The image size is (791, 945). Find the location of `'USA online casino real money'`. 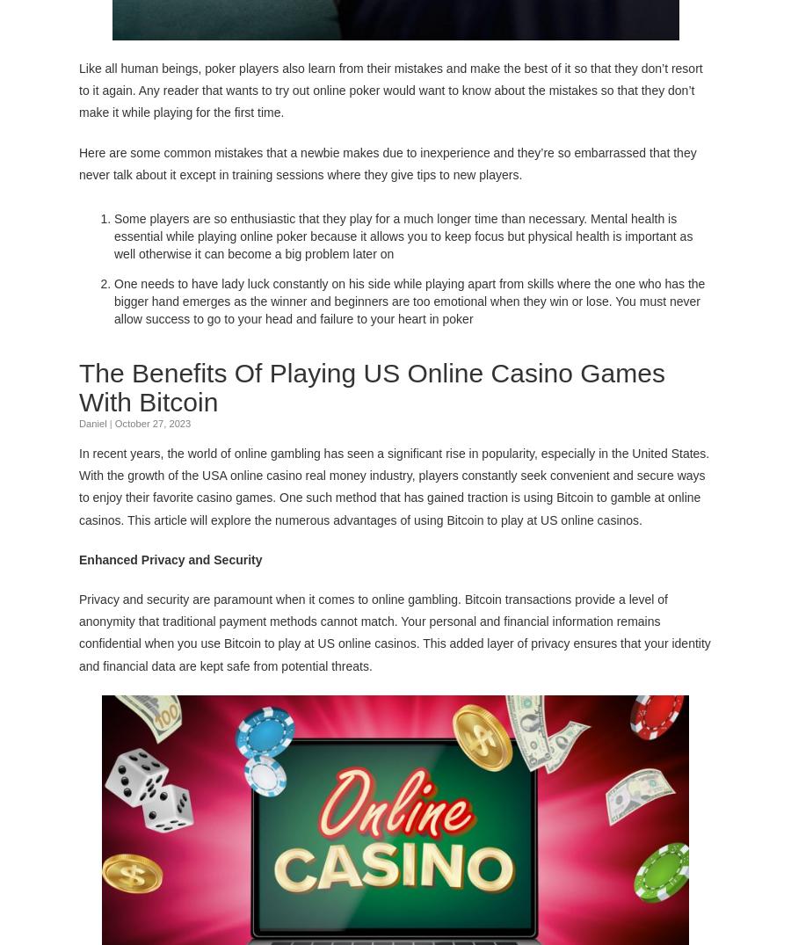

'USA online casino real money' is located at coordinates (283, 474).